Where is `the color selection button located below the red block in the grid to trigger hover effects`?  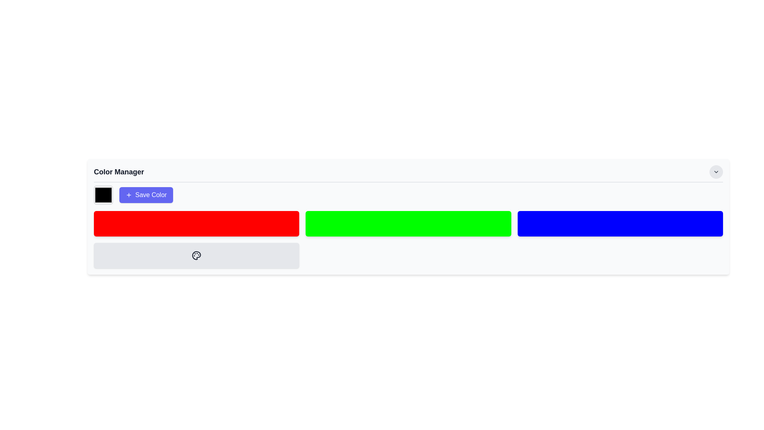 the color selection button located below the red block in the grid to trigger hover effects is located at coordinates (197, 255).